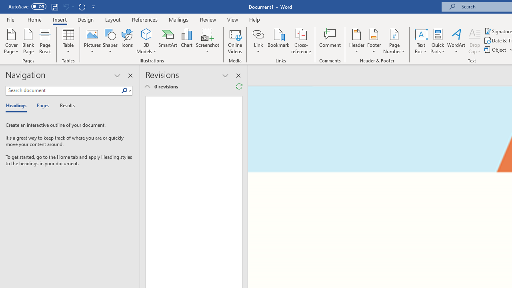  What do you see at coordinates (258, 41) in the screenshot?
I see `'Link'` at bounding box center [258, 41].